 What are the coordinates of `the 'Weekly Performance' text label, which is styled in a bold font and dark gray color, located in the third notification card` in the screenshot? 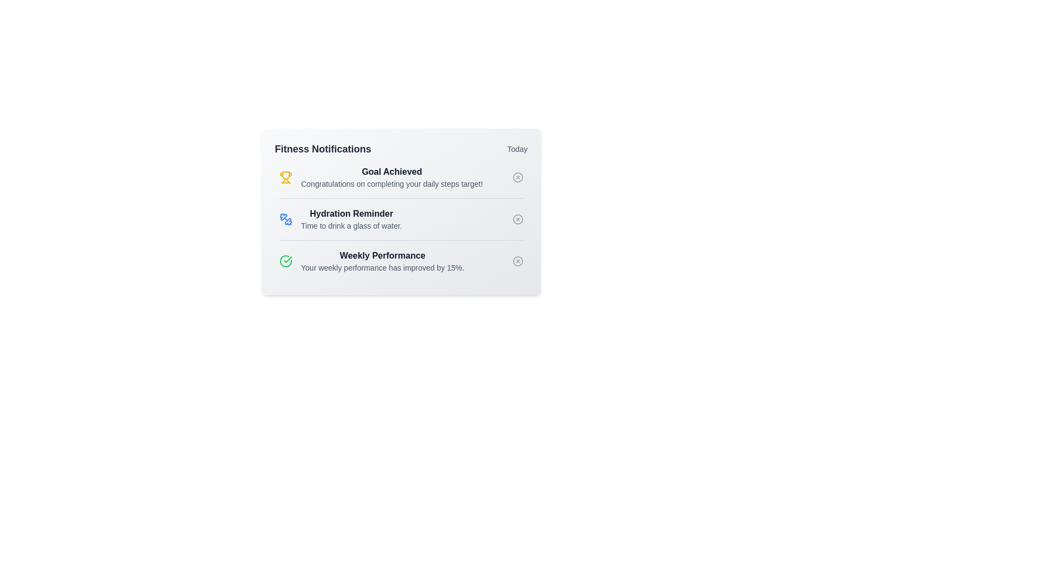 It's located at (382, 256).